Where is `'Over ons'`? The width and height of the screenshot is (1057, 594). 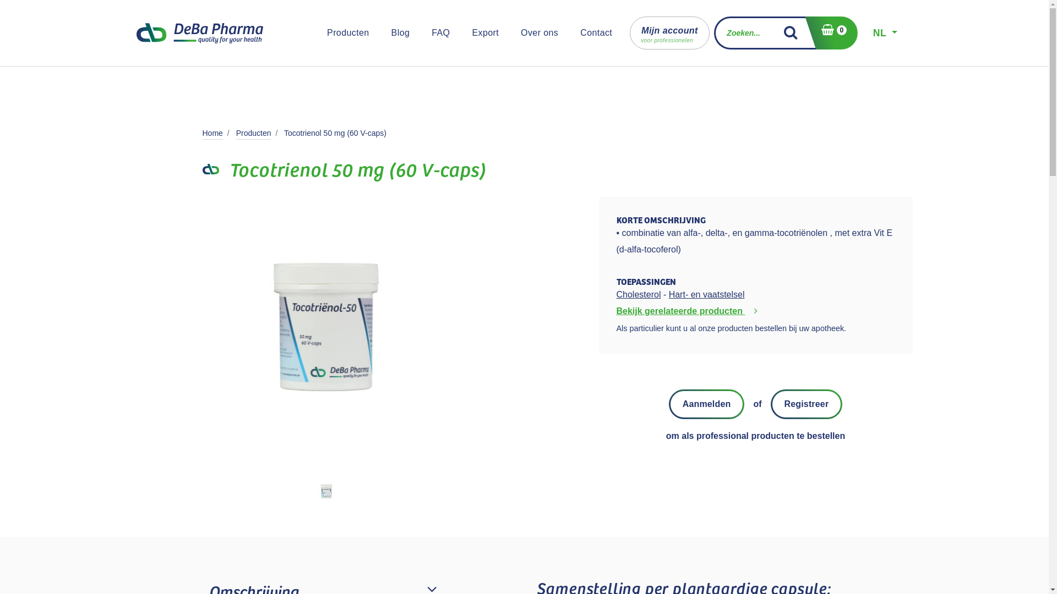
'Over ons' is located at coordinates (539, 32).